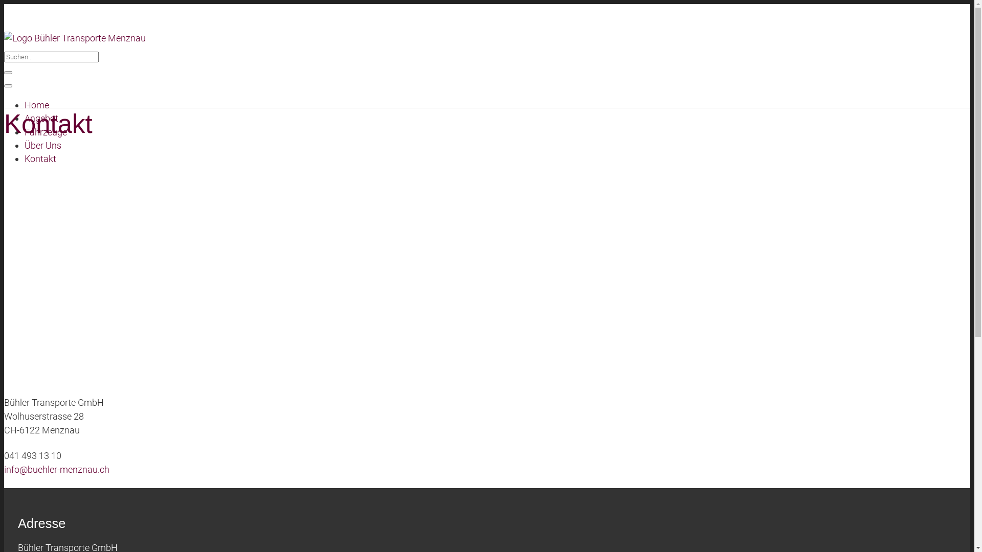 Image resolution: width=982 pixels, height=552 pixels. I want to click on 'Kontakt', so click(40, 158).